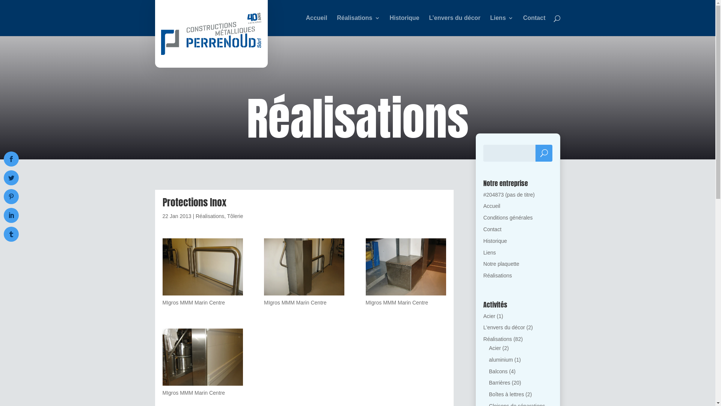  I want to click on 'Historique', so click(495, 241).